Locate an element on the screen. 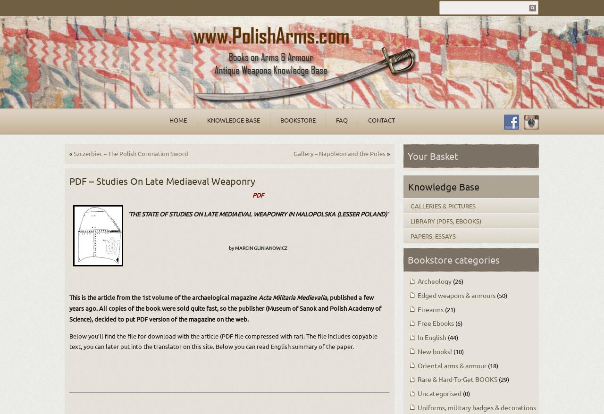 This screenshot has height=414, width=604. 'PDF – Studies On Late Mediaeval Weaponry' is located at coordinates (162, 180).